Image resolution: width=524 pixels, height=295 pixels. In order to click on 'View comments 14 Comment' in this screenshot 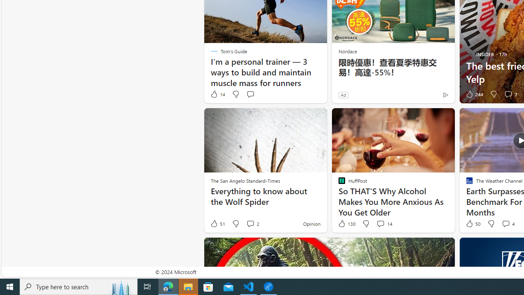, I will do `click(380, 223)`.